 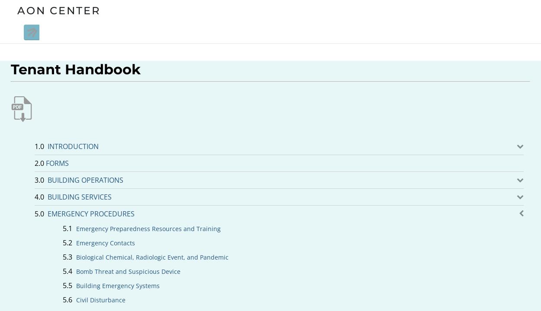 What do you see at coordinates (128, 271) in the screenshot?
I see `'Bomb Threat and Suspicious Device'` at bounding box center [128, 271].